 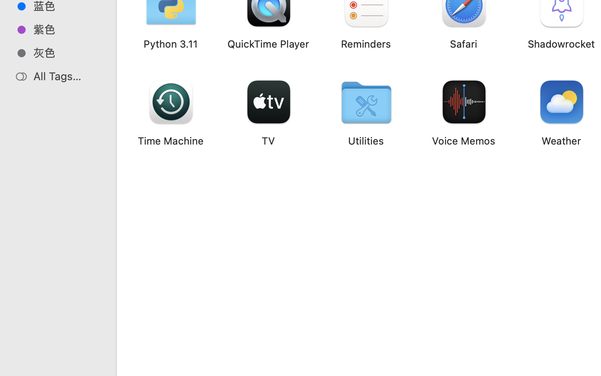 I want to click on 'All Tags…', so click(x=66, y=76).